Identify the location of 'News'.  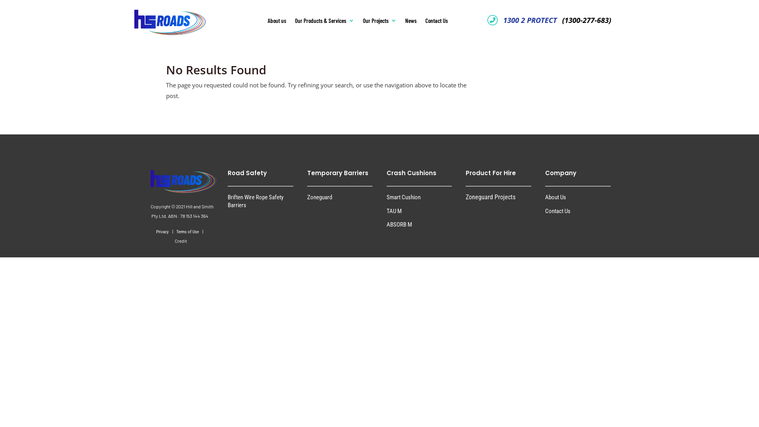
(411, 22).